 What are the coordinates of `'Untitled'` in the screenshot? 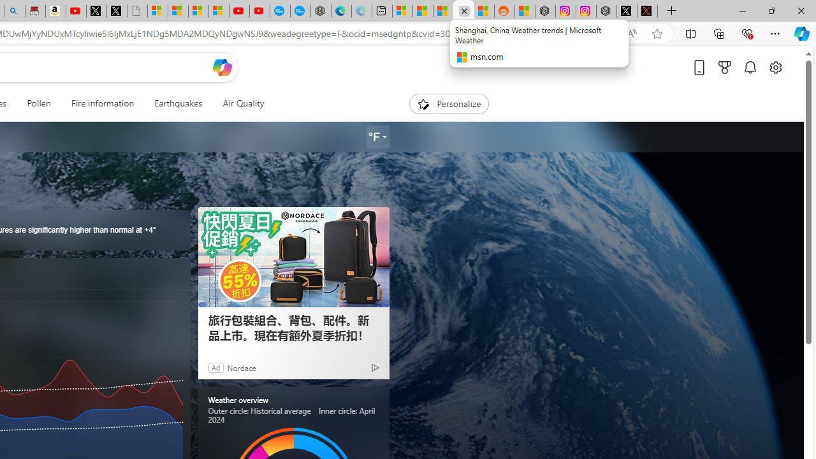 It's located at (137, 11).